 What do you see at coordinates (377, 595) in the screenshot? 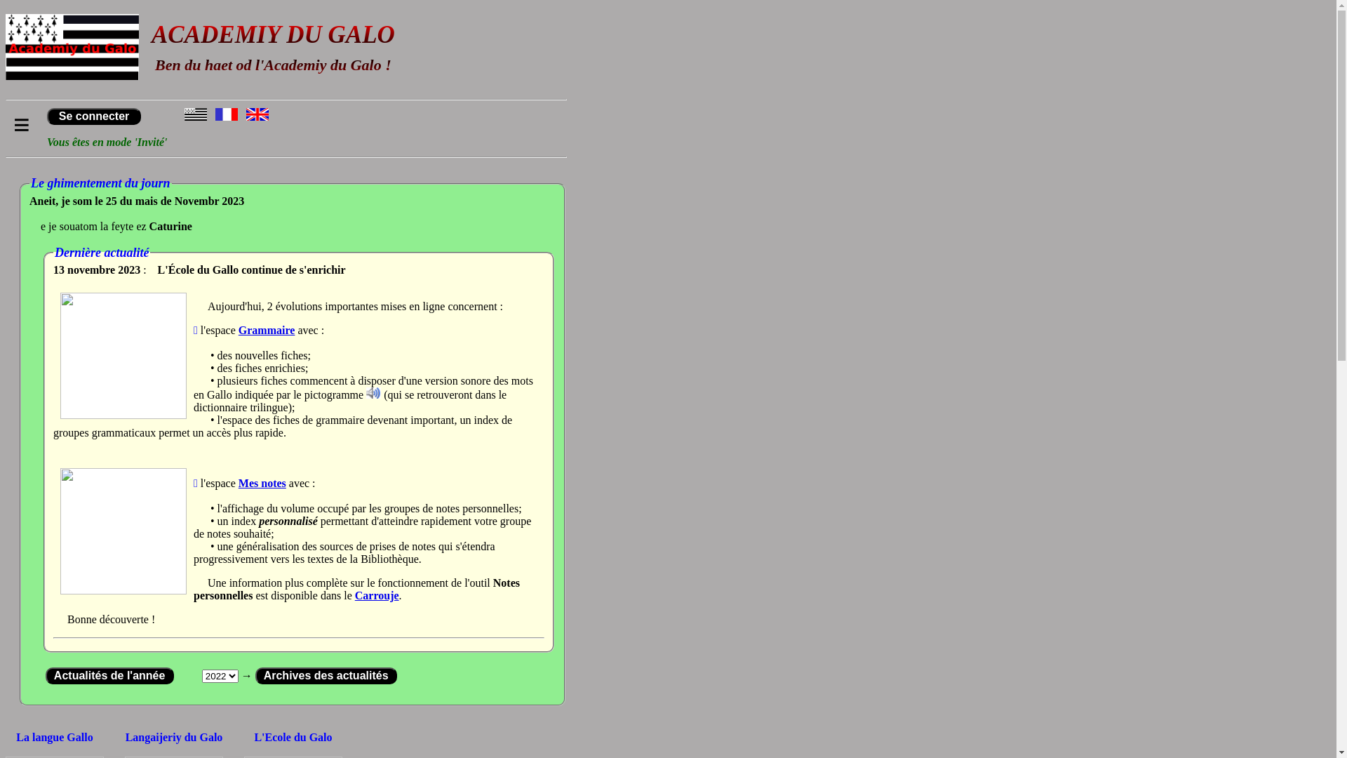
I see `'Carrouje'` at bounding box center [377, 595].